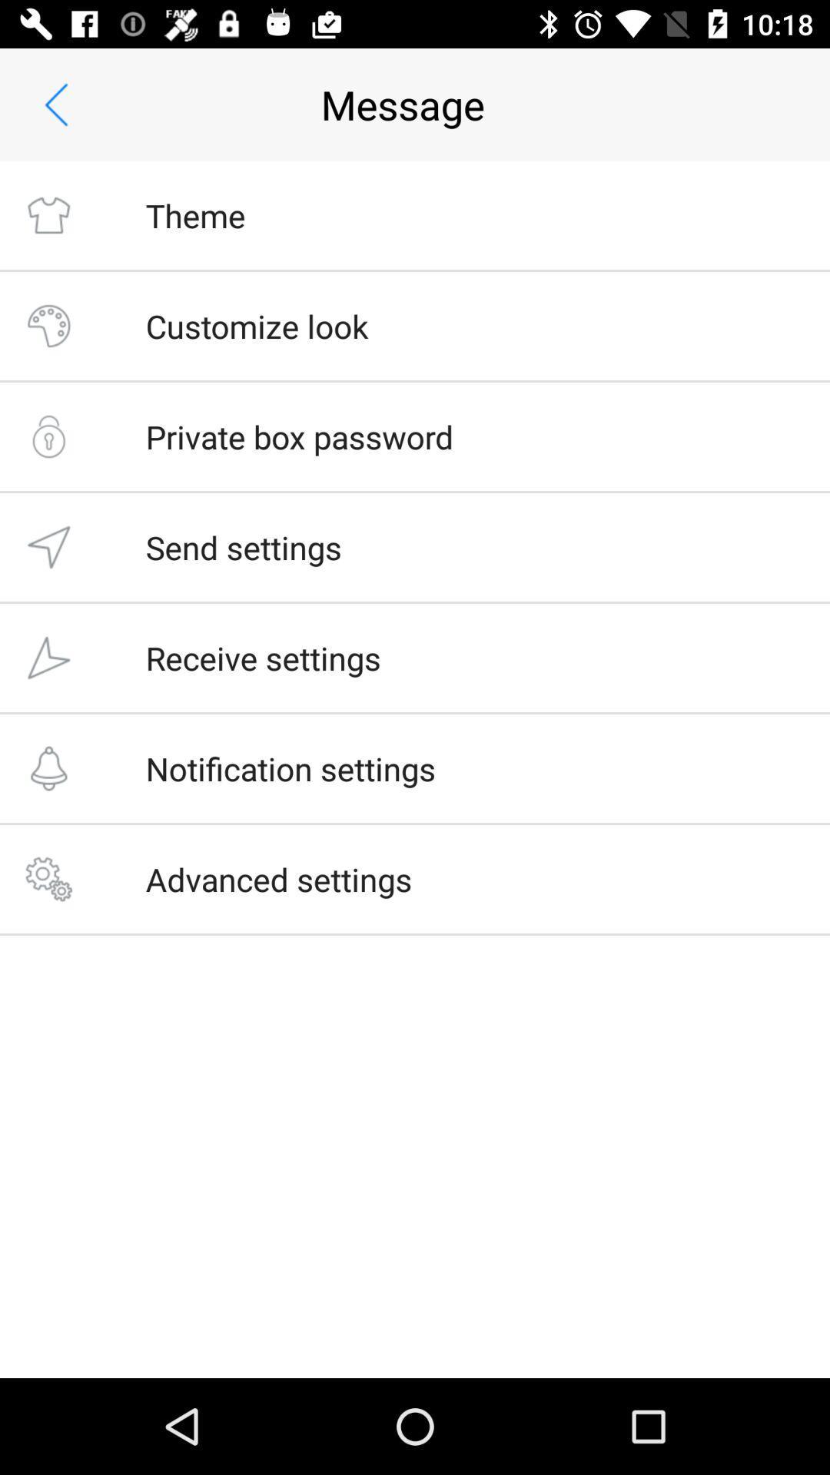 This screenshot has width=830, height=1475. I want to click on the advanced settings item, so click(278, 879).